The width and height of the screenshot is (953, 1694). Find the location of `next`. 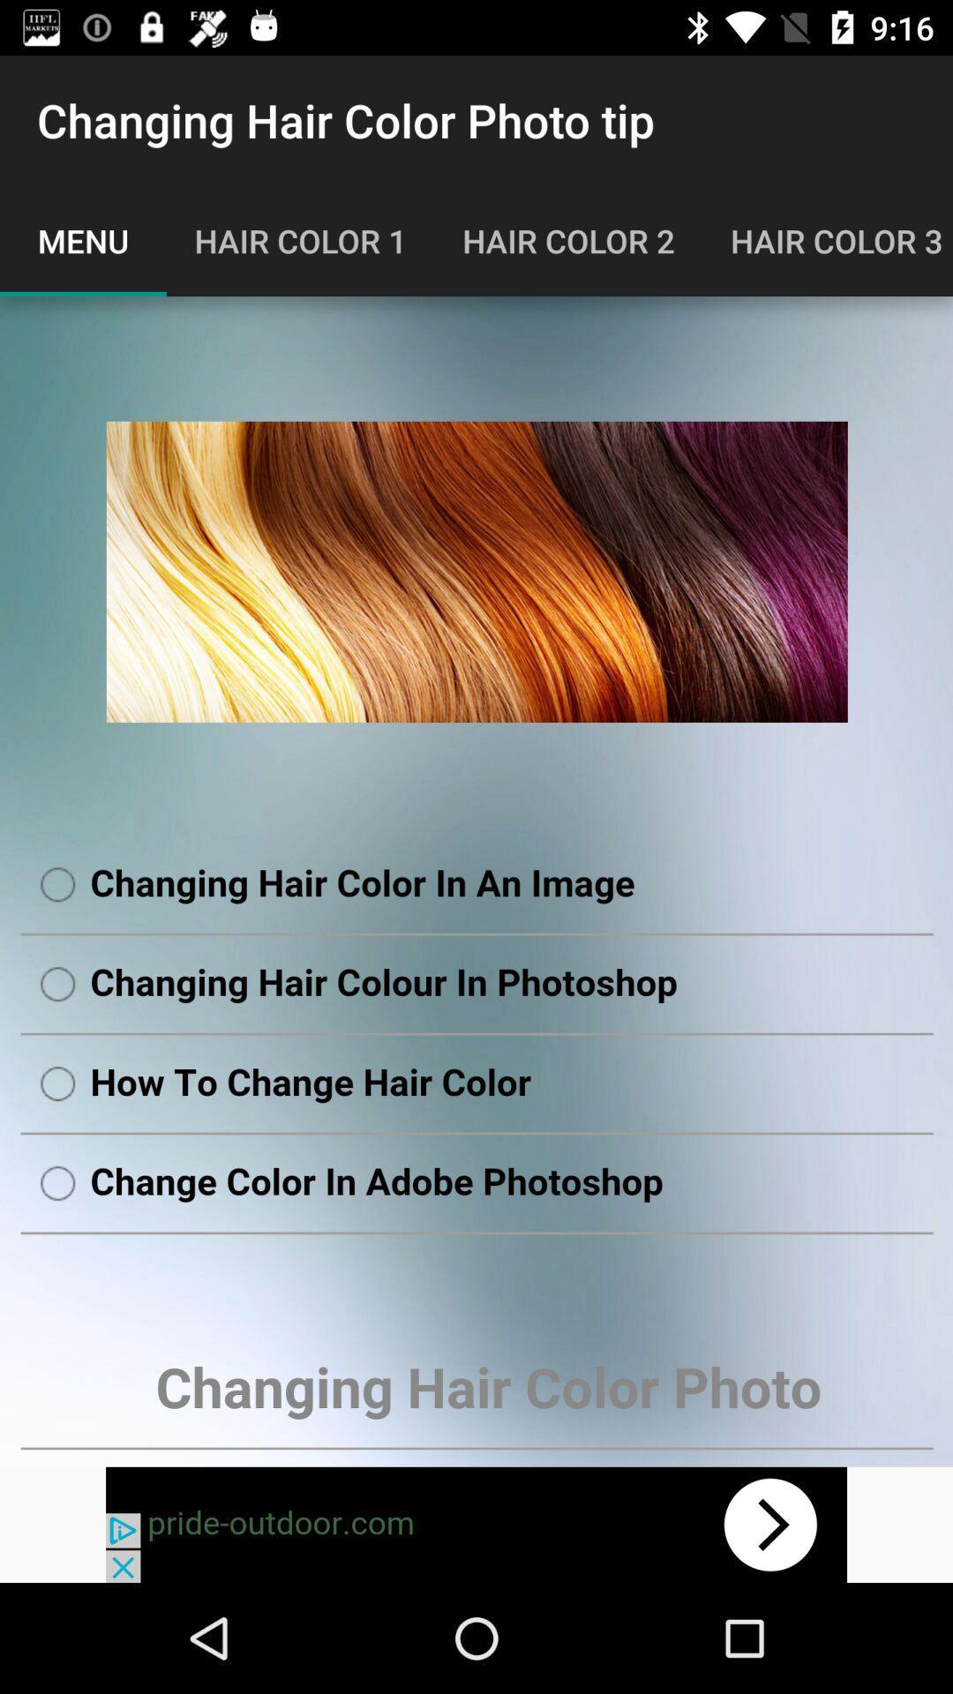

next is located at coordinates (476, 1524).